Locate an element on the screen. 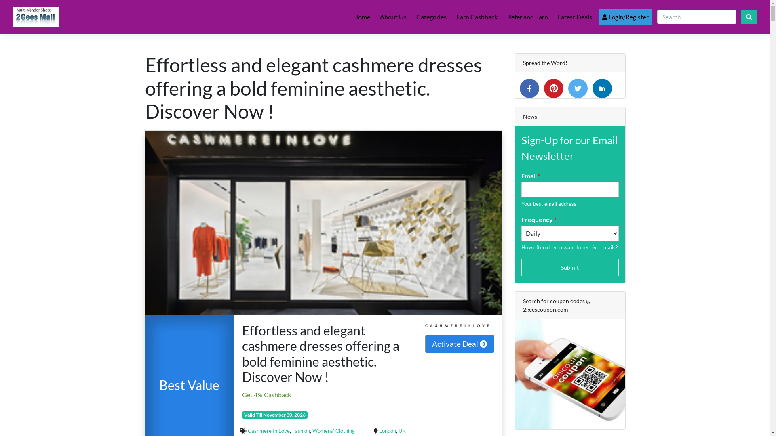 The height and width of the screenshot is (436, 776). 'Home' is located at coordinates (361, 17).